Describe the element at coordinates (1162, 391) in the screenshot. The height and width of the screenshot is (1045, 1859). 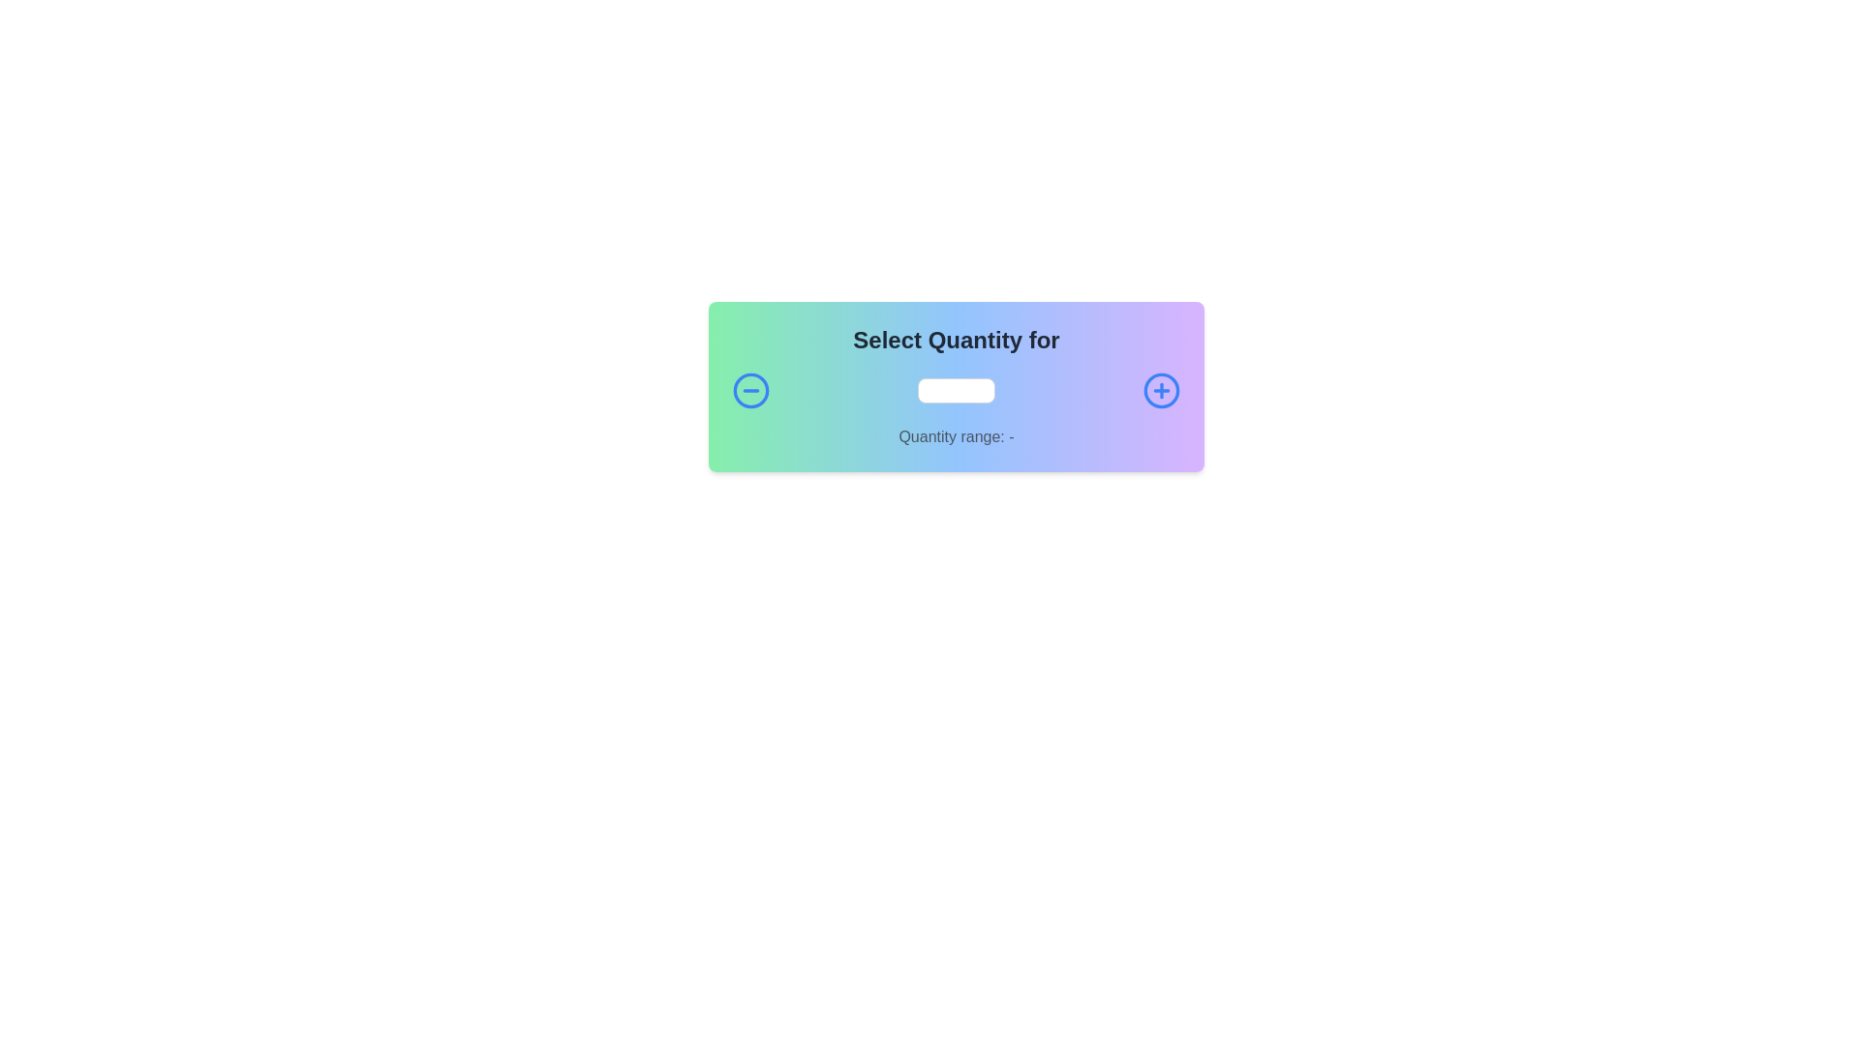
I see `the circular increment button with a blue '+' symbol located to the right of the decrement button to increment the counter value` at that location.